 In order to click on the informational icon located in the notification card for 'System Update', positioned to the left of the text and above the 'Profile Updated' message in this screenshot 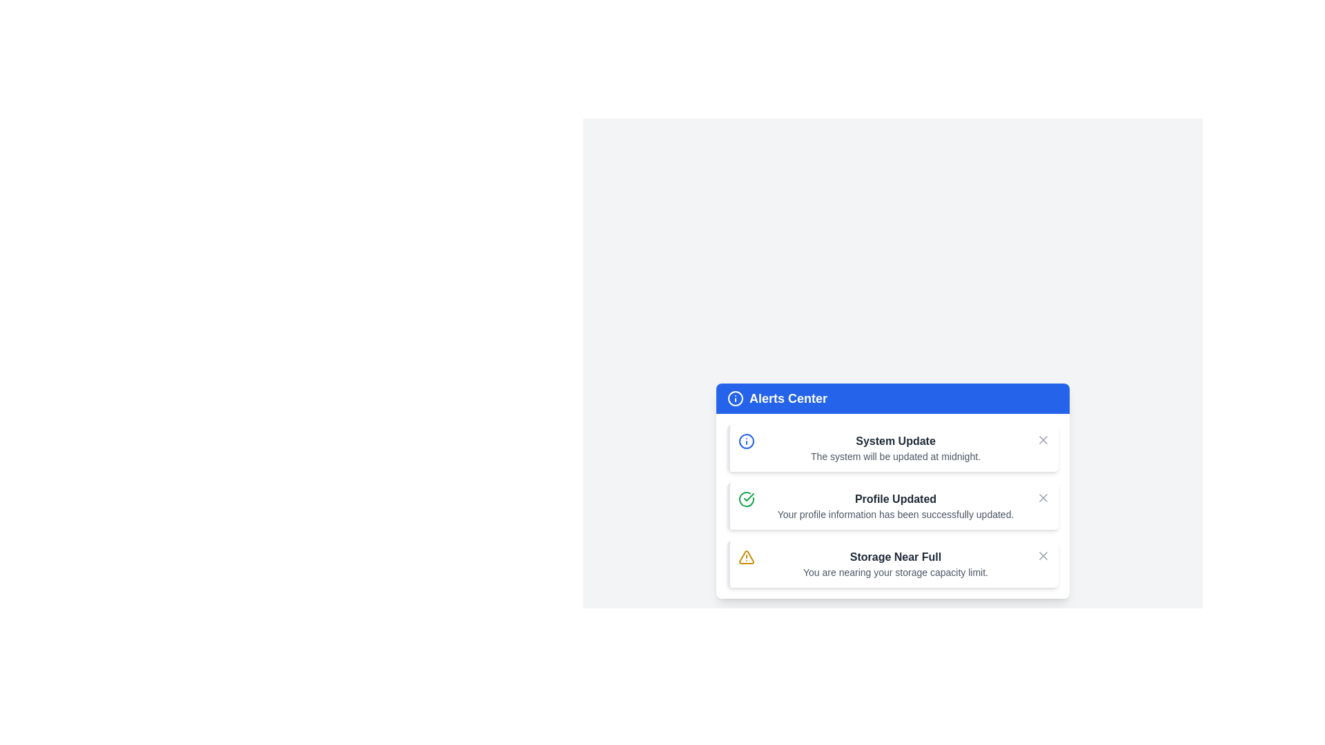, I will do `click(745, 441)`.